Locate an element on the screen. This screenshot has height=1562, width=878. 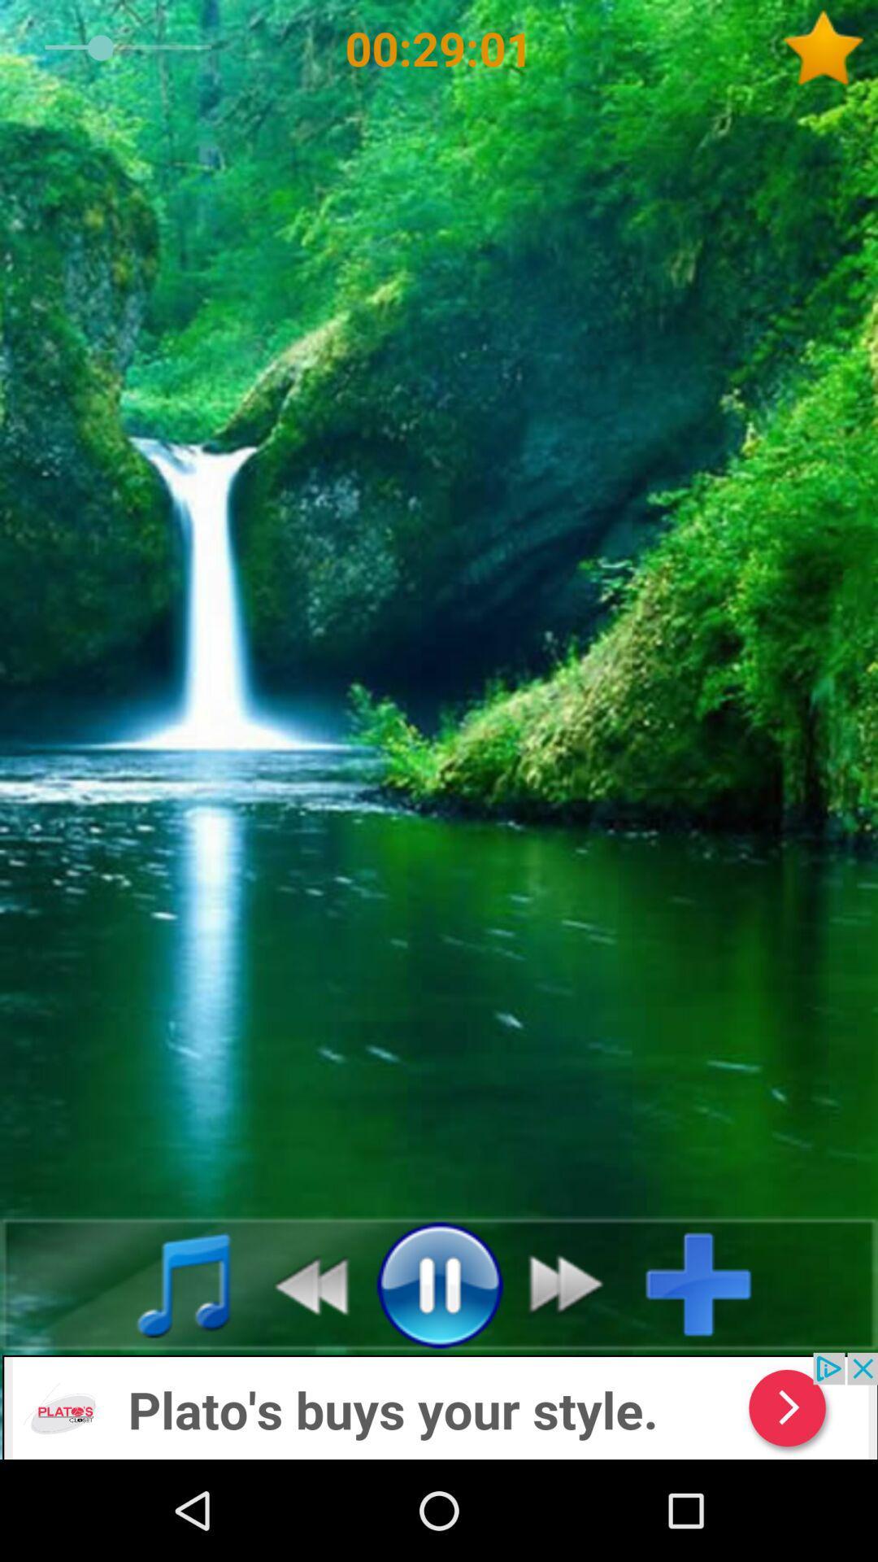
switch to move forward is located at coordinates (575, 1283).